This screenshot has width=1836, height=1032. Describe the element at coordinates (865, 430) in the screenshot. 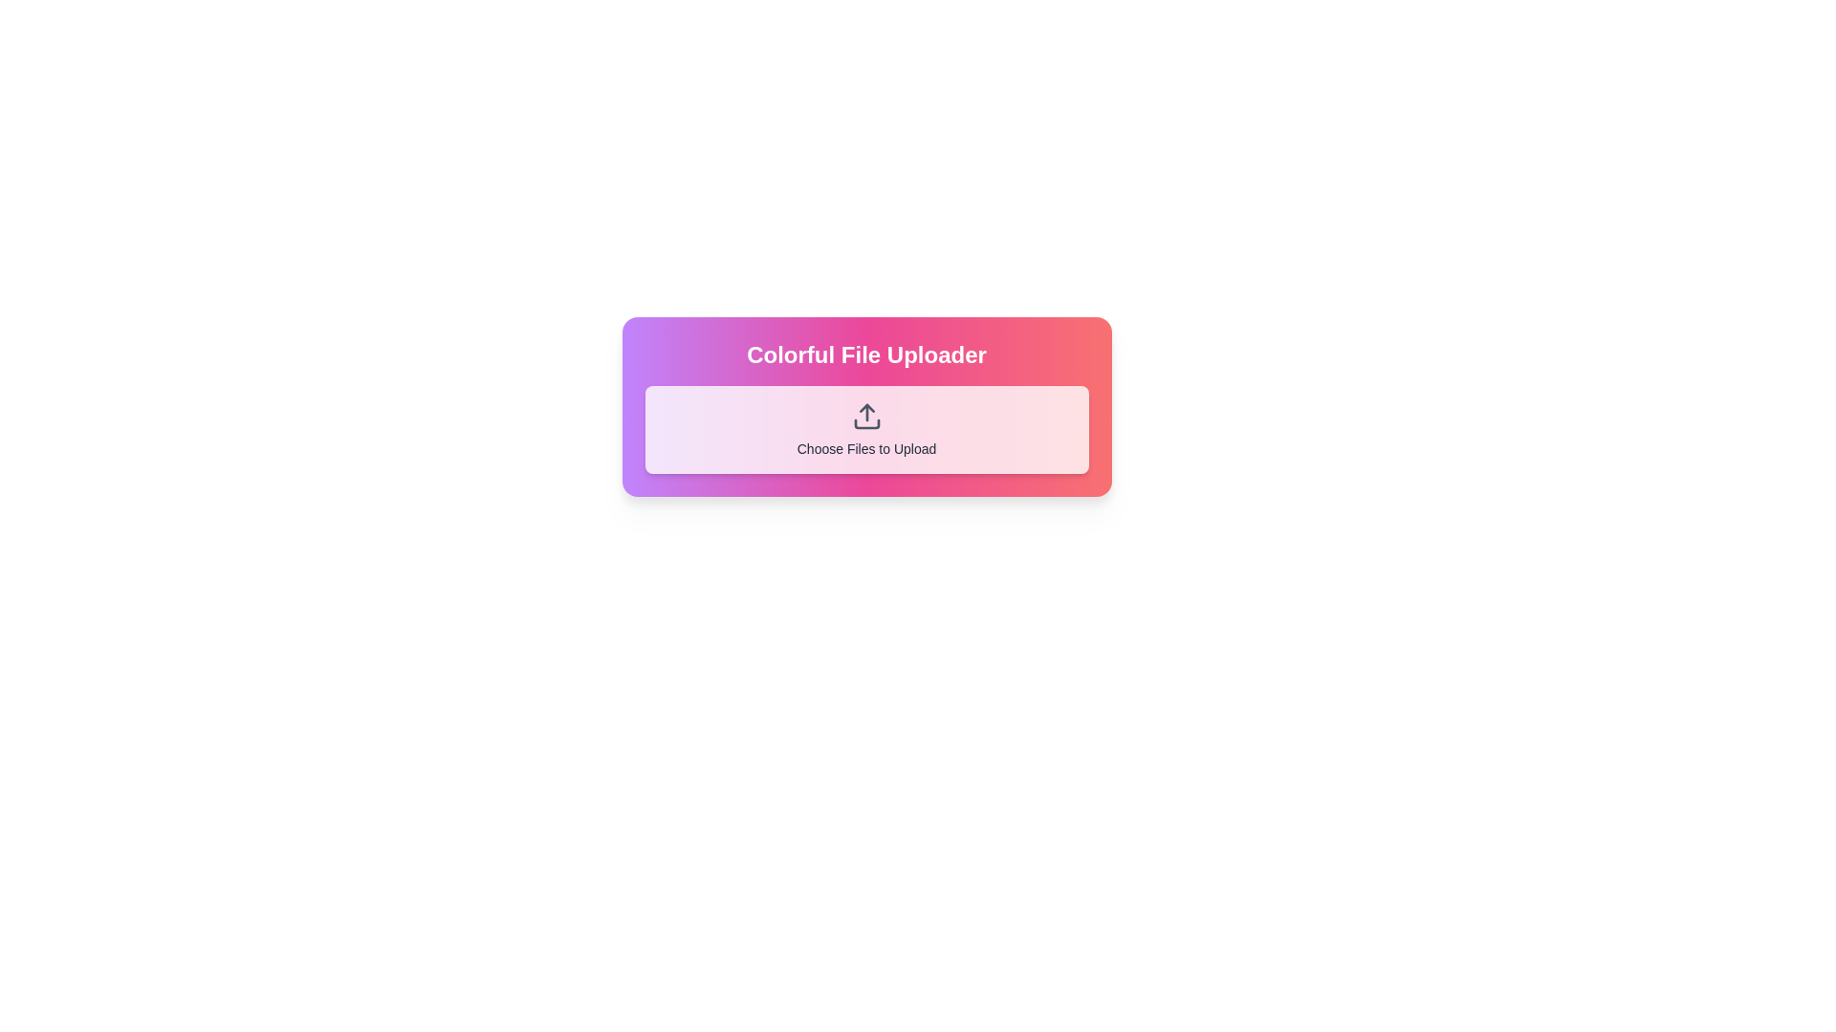

I see `the button located below the heading 'Colorful File Uploader'` at that location.